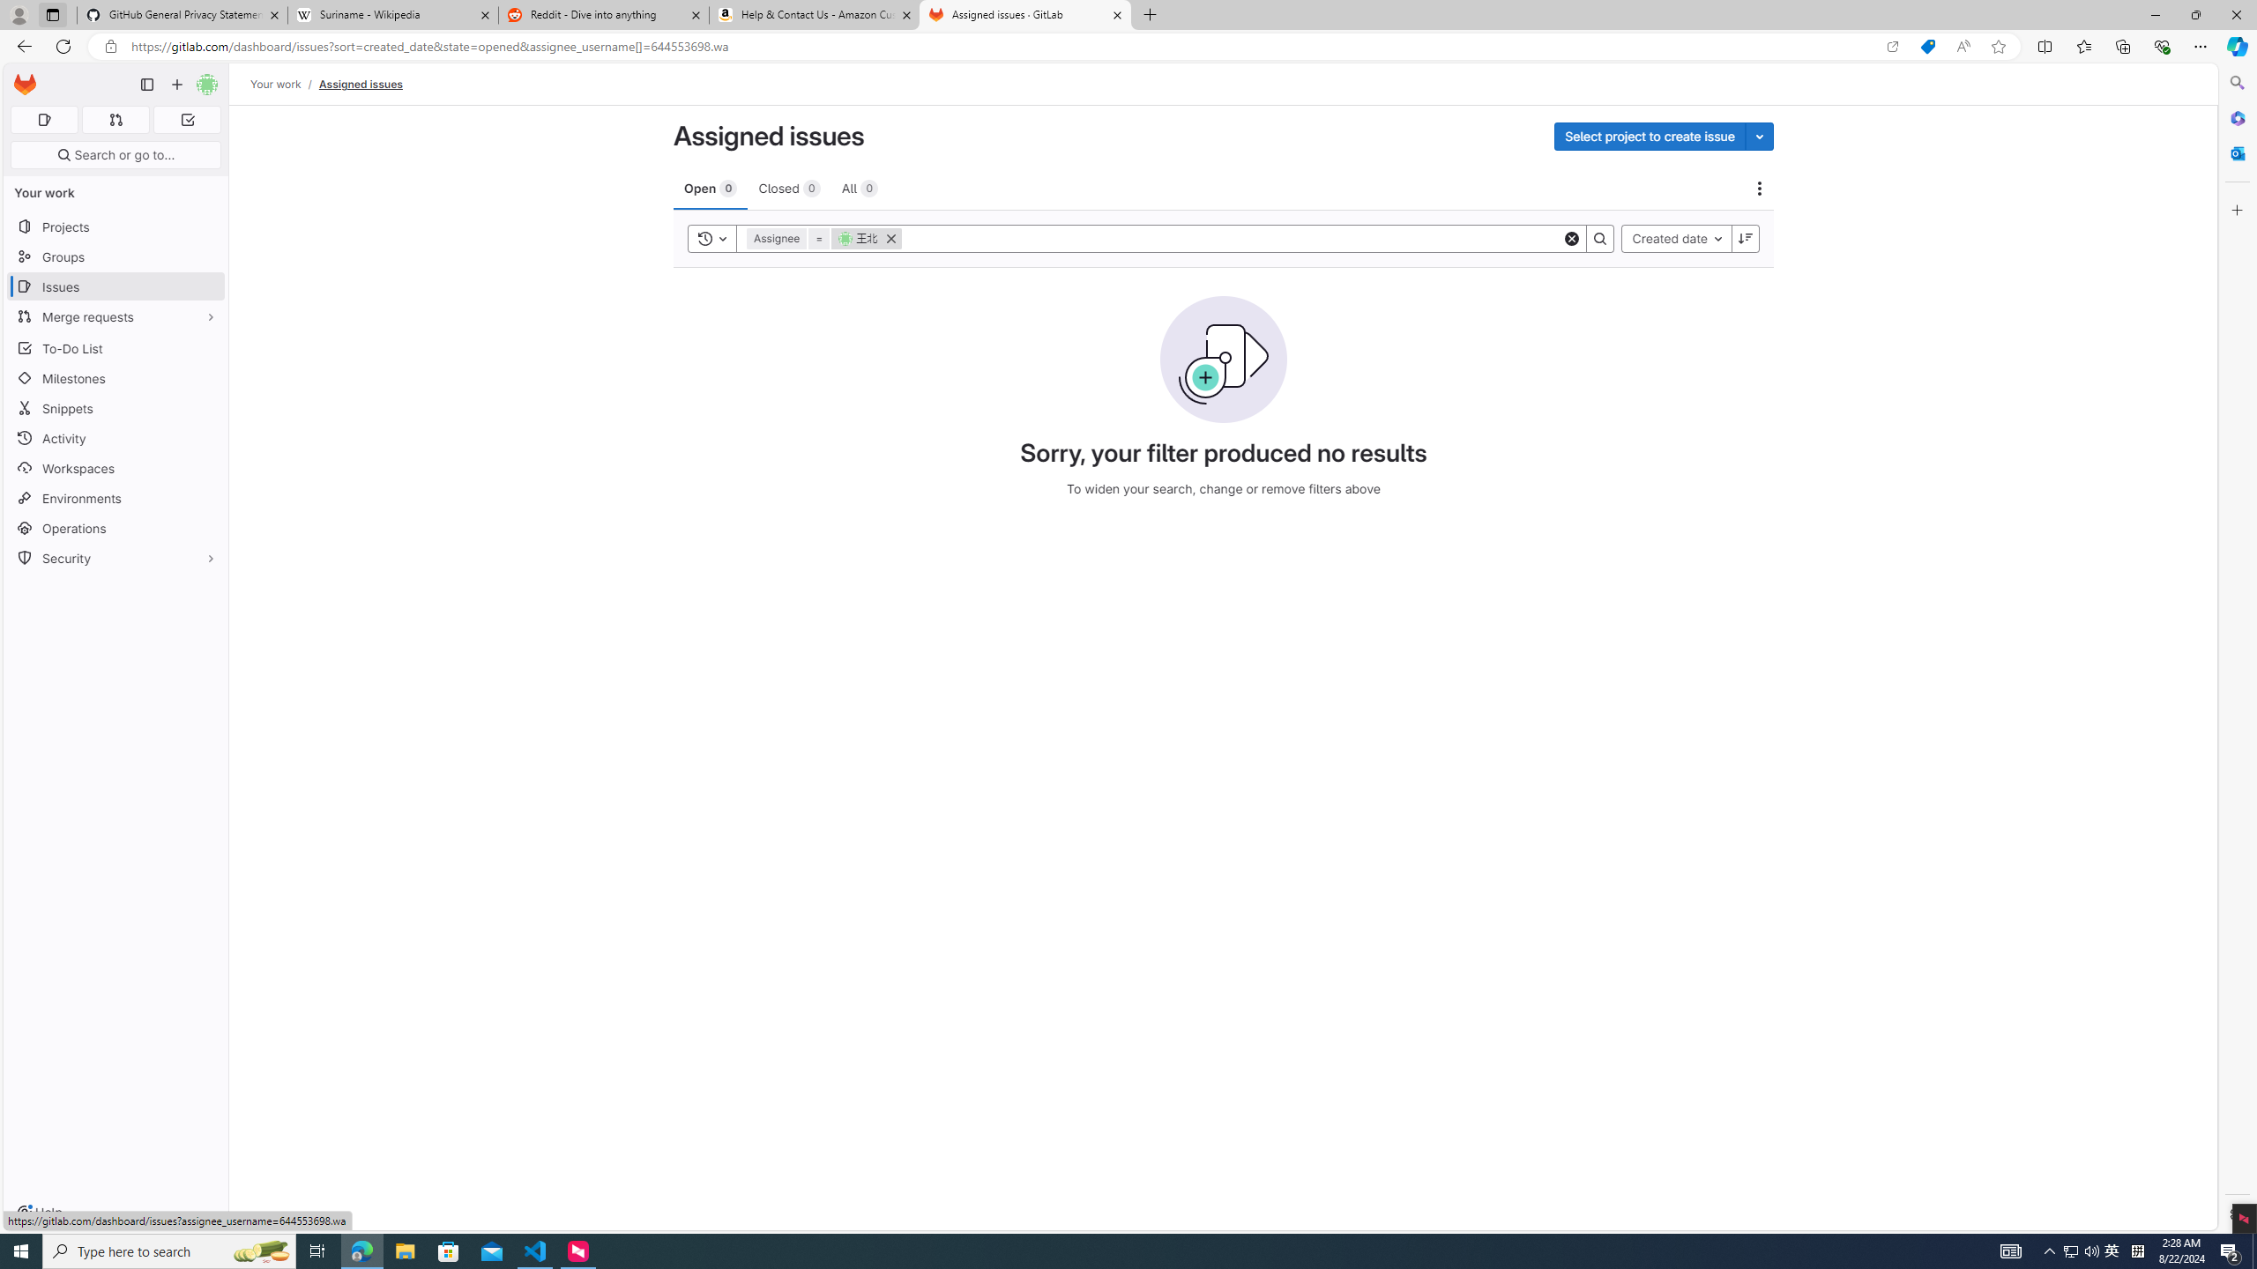  Describe the element at coordinates (1758, 135) in the screenshot. I see `'Toggle project select'` at that location.